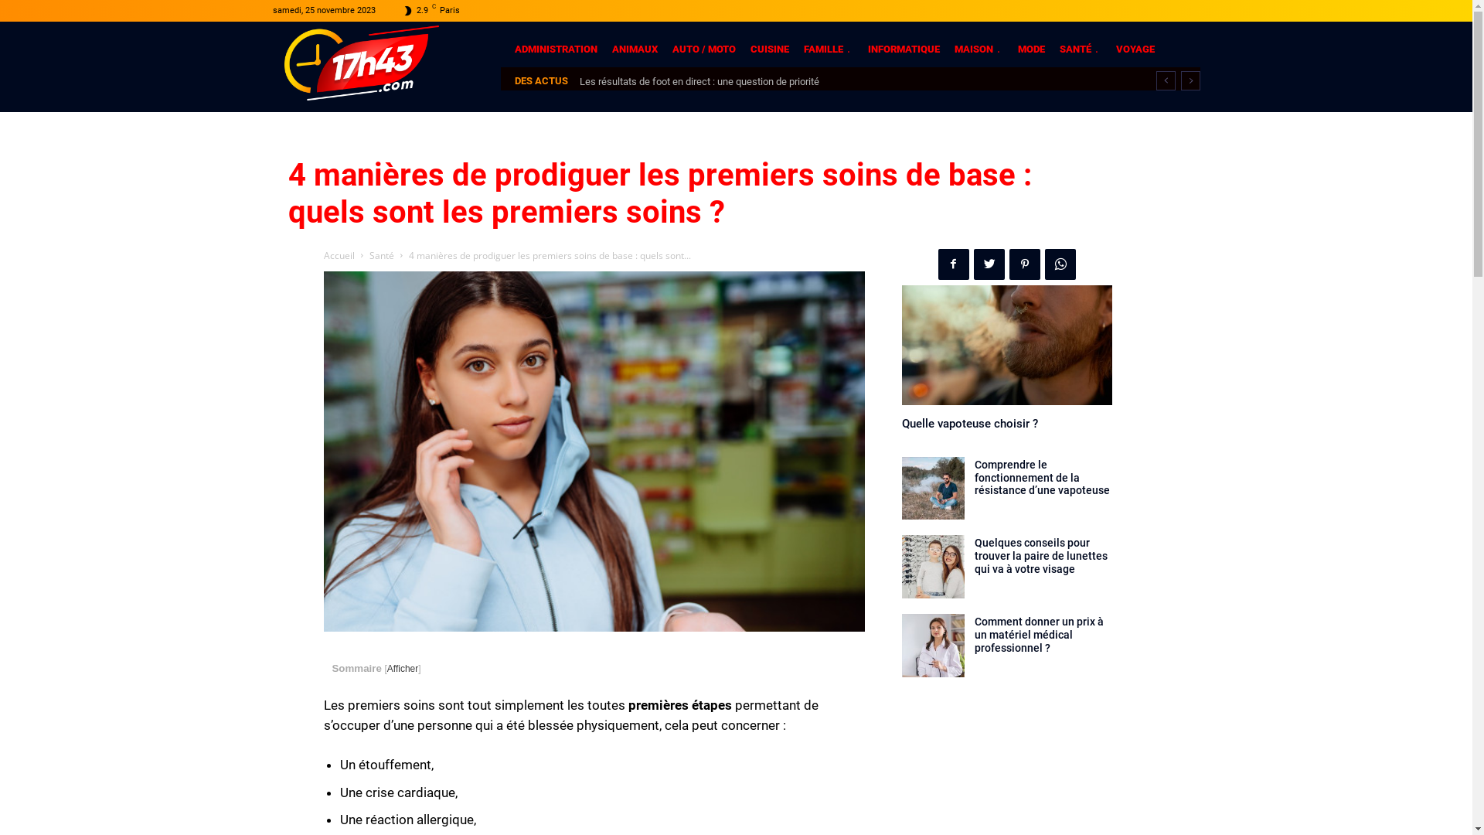 The width and height of the screenshot is (1484, 835). Describe the element at coordinates (977, 48) in the screenshot. I see `'MAISON'` at that location.